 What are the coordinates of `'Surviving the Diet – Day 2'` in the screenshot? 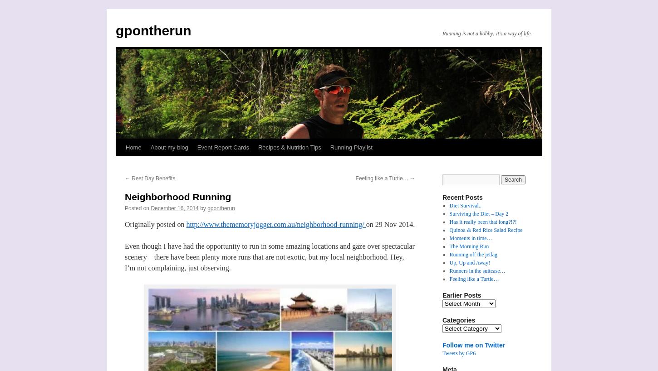 It's located at (479, 213).